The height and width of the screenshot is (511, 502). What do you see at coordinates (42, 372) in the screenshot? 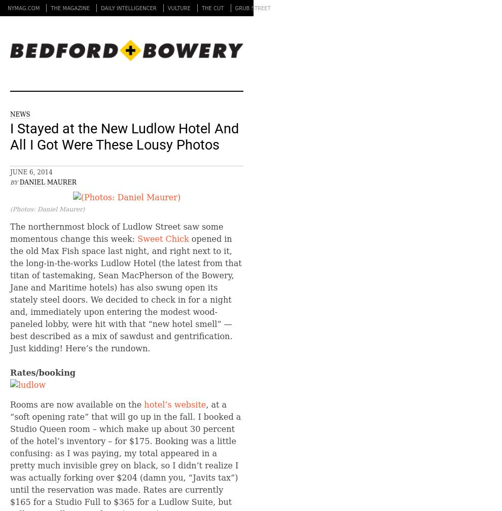
I see `'Rates/booking'` at bounding box center [42, 372].